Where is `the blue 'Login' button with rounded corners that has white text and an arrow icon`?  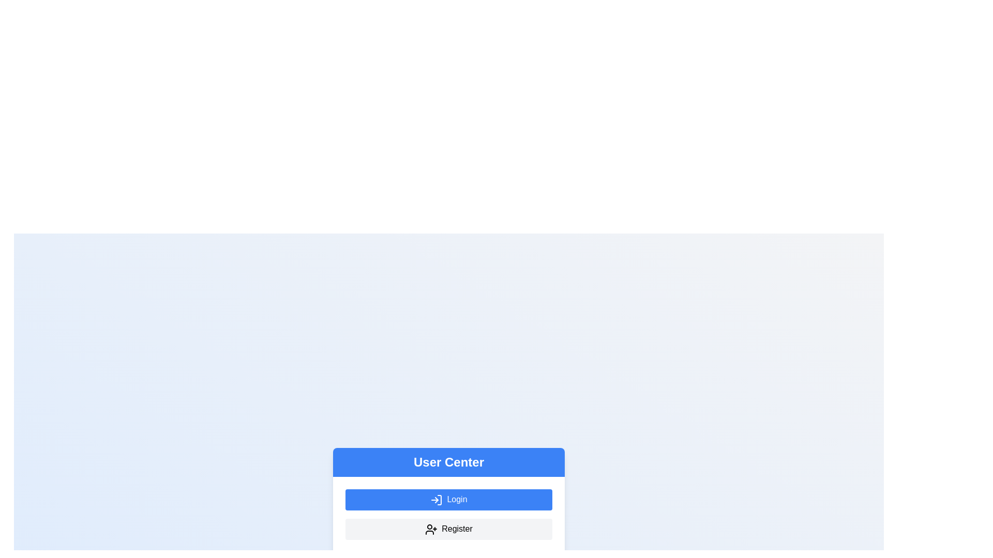
the blue 'Login' button with rounded corners that has white text and an arrow icon is located at coordinates (449, 499).